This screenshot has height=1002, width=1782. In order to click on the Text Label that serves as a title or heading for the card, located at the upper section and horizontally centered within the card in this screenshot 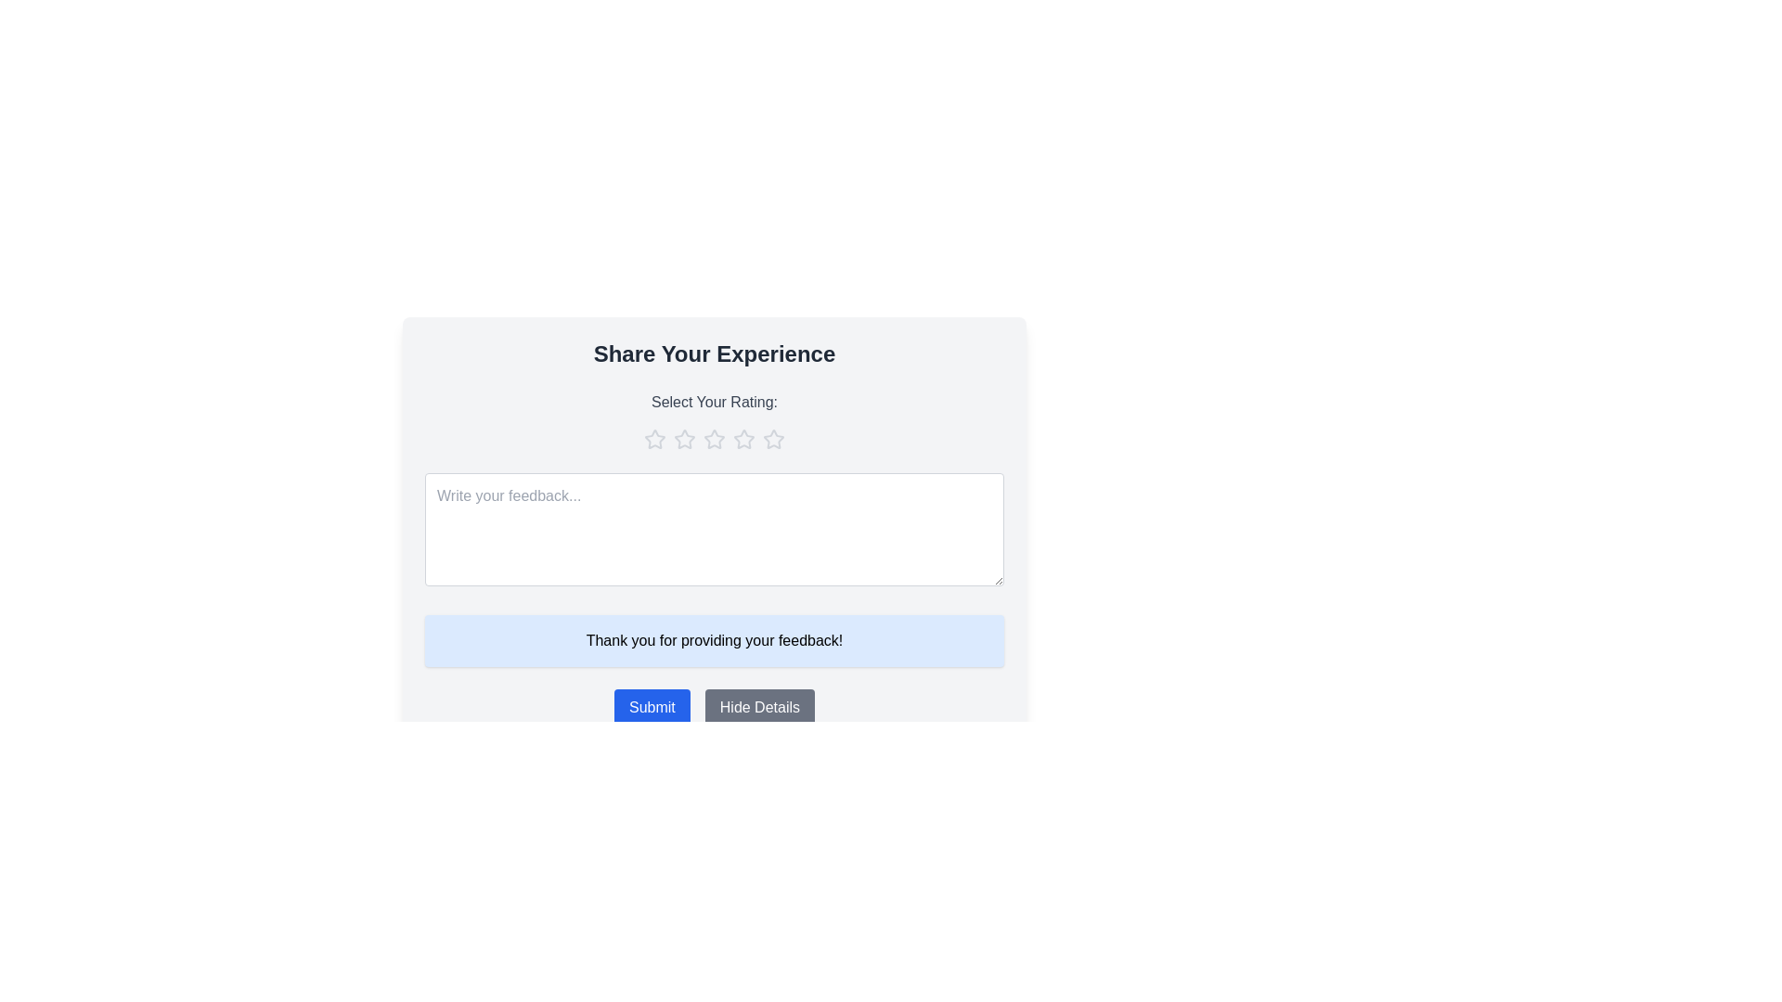, I will do `click(713, 353)`.